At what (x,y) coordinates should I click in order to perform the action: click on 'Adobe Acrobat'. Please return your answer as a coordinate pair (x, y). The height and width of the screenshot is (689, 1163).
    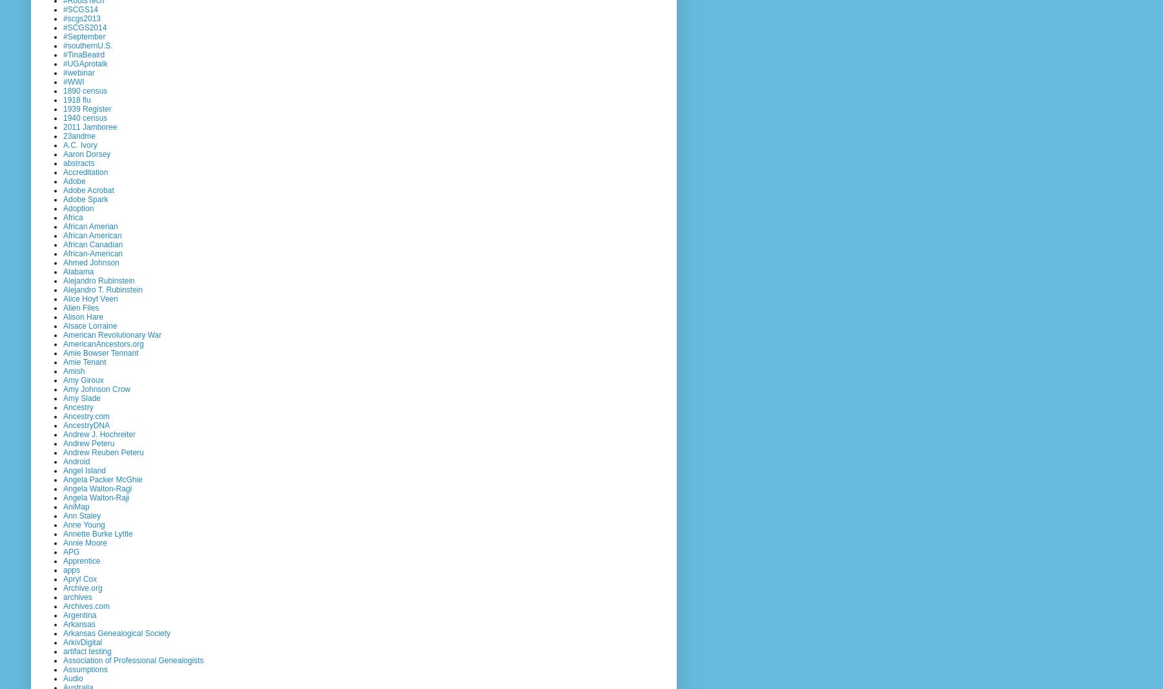
    Looking at the image, I should click on (88, 189).